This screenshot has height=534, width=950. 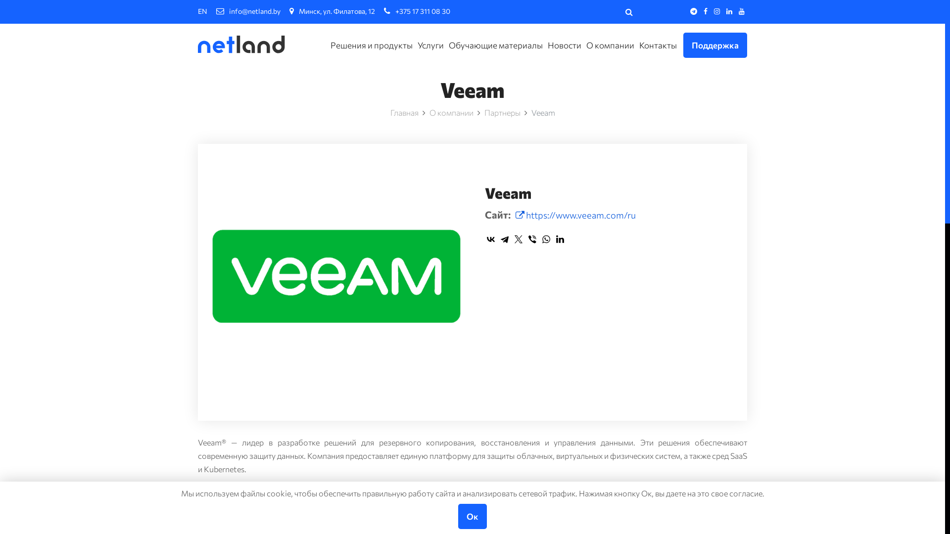 I want to click on 'Telegram', so click(x=504, y=239).